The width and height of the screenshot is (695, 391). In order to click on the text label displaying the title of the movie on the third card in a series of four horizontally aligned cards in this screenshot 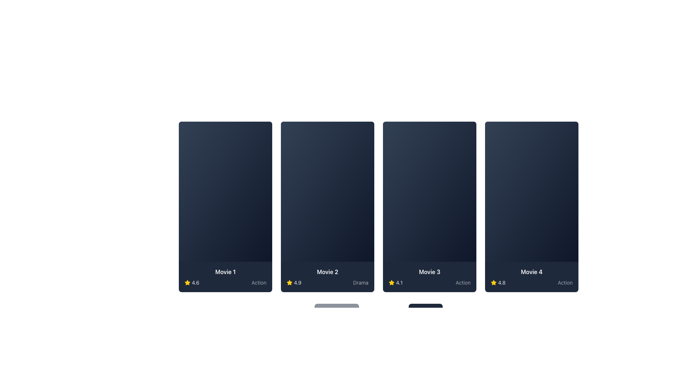, I will do `click(429, 272)`.